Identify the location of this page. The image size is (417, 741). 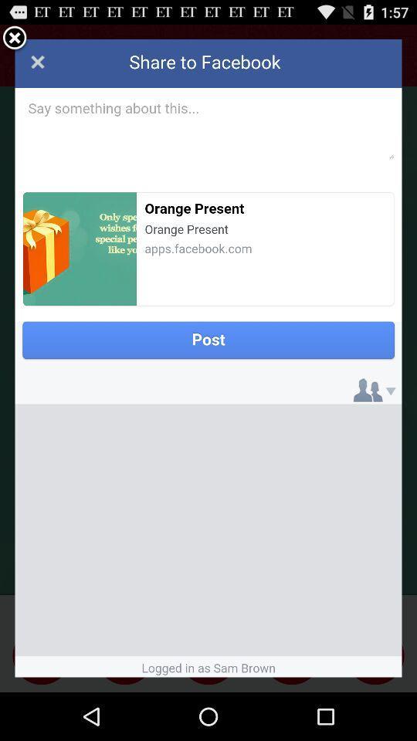
(208, 358).